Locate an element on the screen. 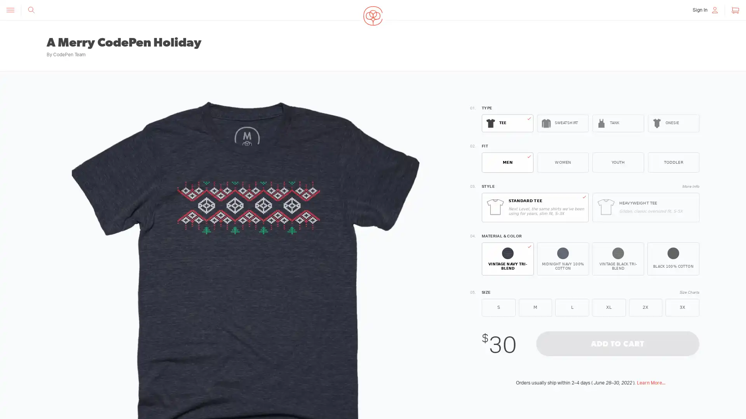  SWEATSHIRT is located at coordinates (563, 123).